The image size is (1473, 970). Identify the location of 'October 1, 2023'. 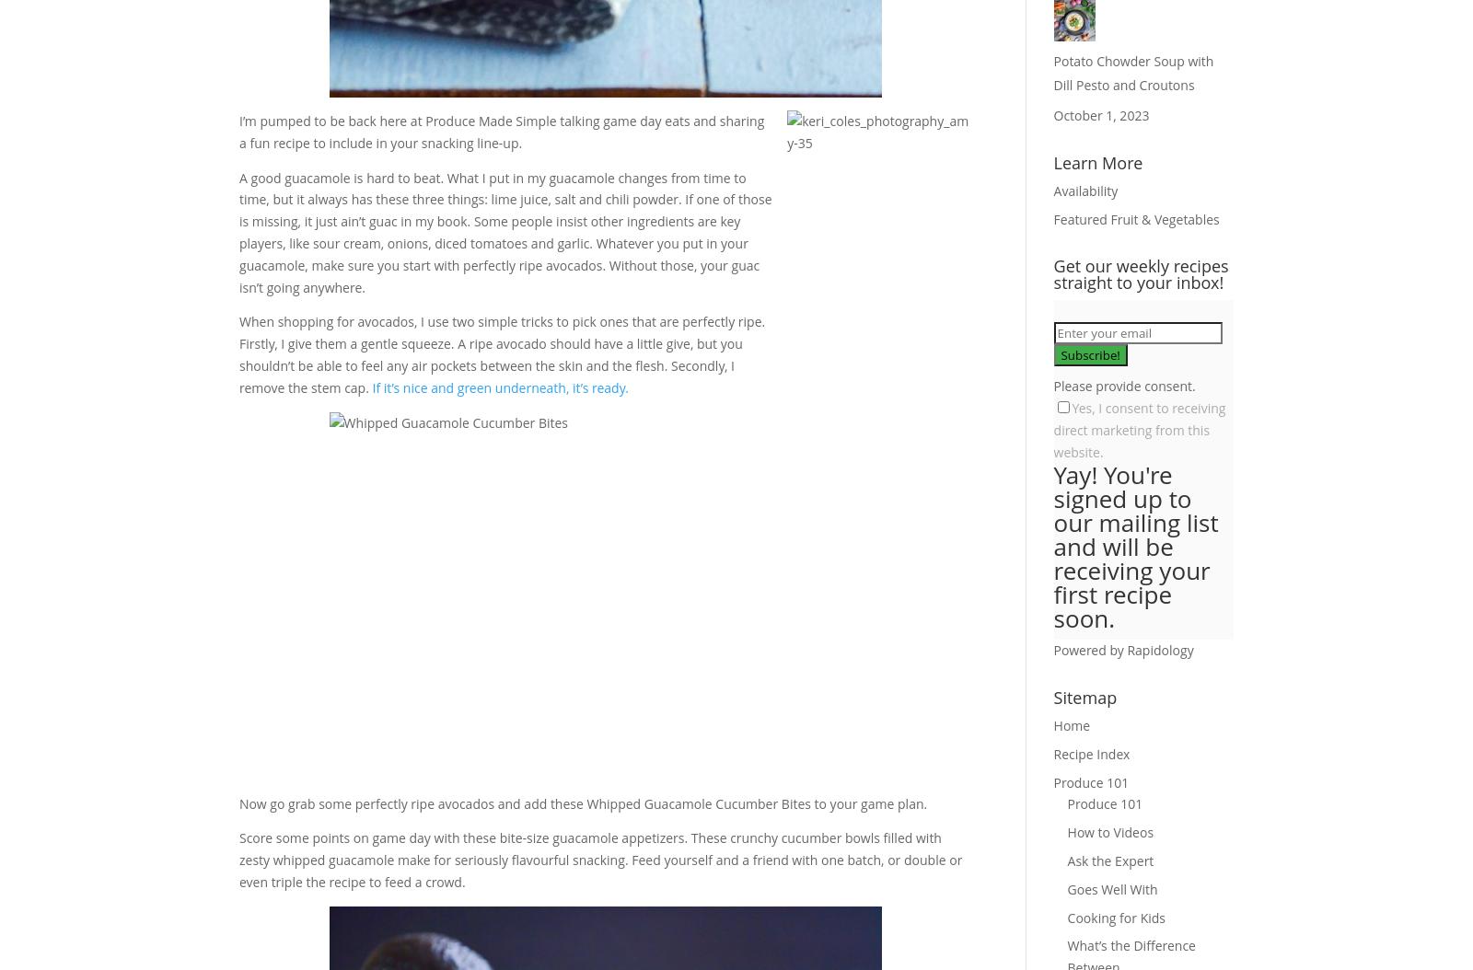
(1101, 114).